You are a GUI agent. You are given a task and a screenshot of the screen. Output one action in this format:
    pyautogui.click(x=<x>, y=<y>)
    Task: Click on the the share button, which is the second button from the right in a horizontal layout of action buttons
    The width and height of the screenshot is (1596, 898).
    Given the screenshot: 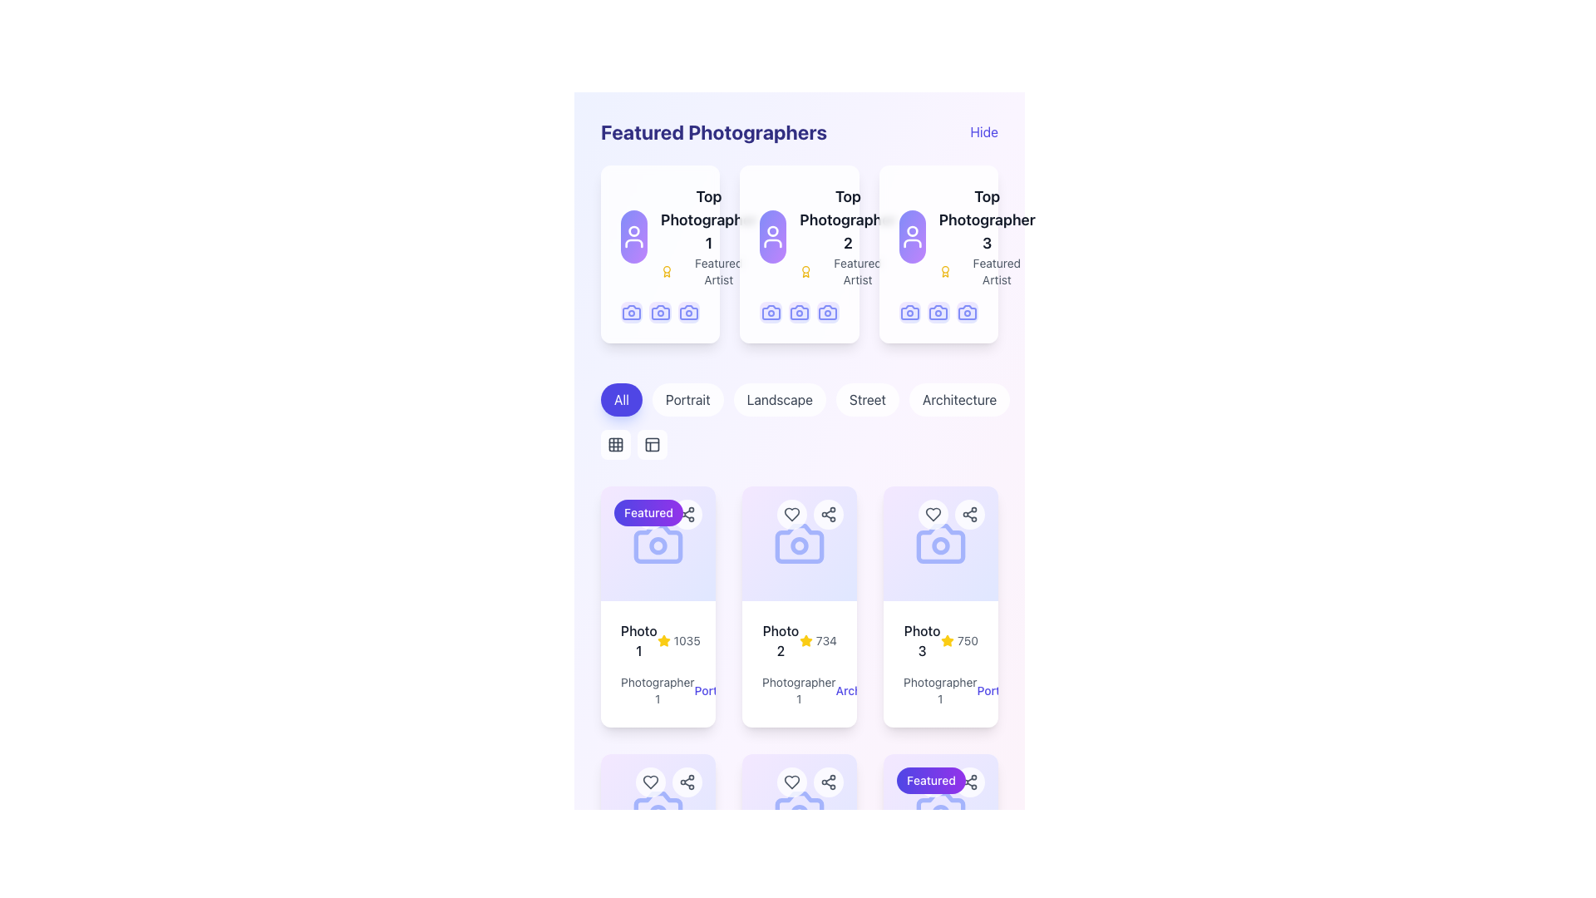 What is the action you would take?
    pyautogui.click(x=687, y=782)
    